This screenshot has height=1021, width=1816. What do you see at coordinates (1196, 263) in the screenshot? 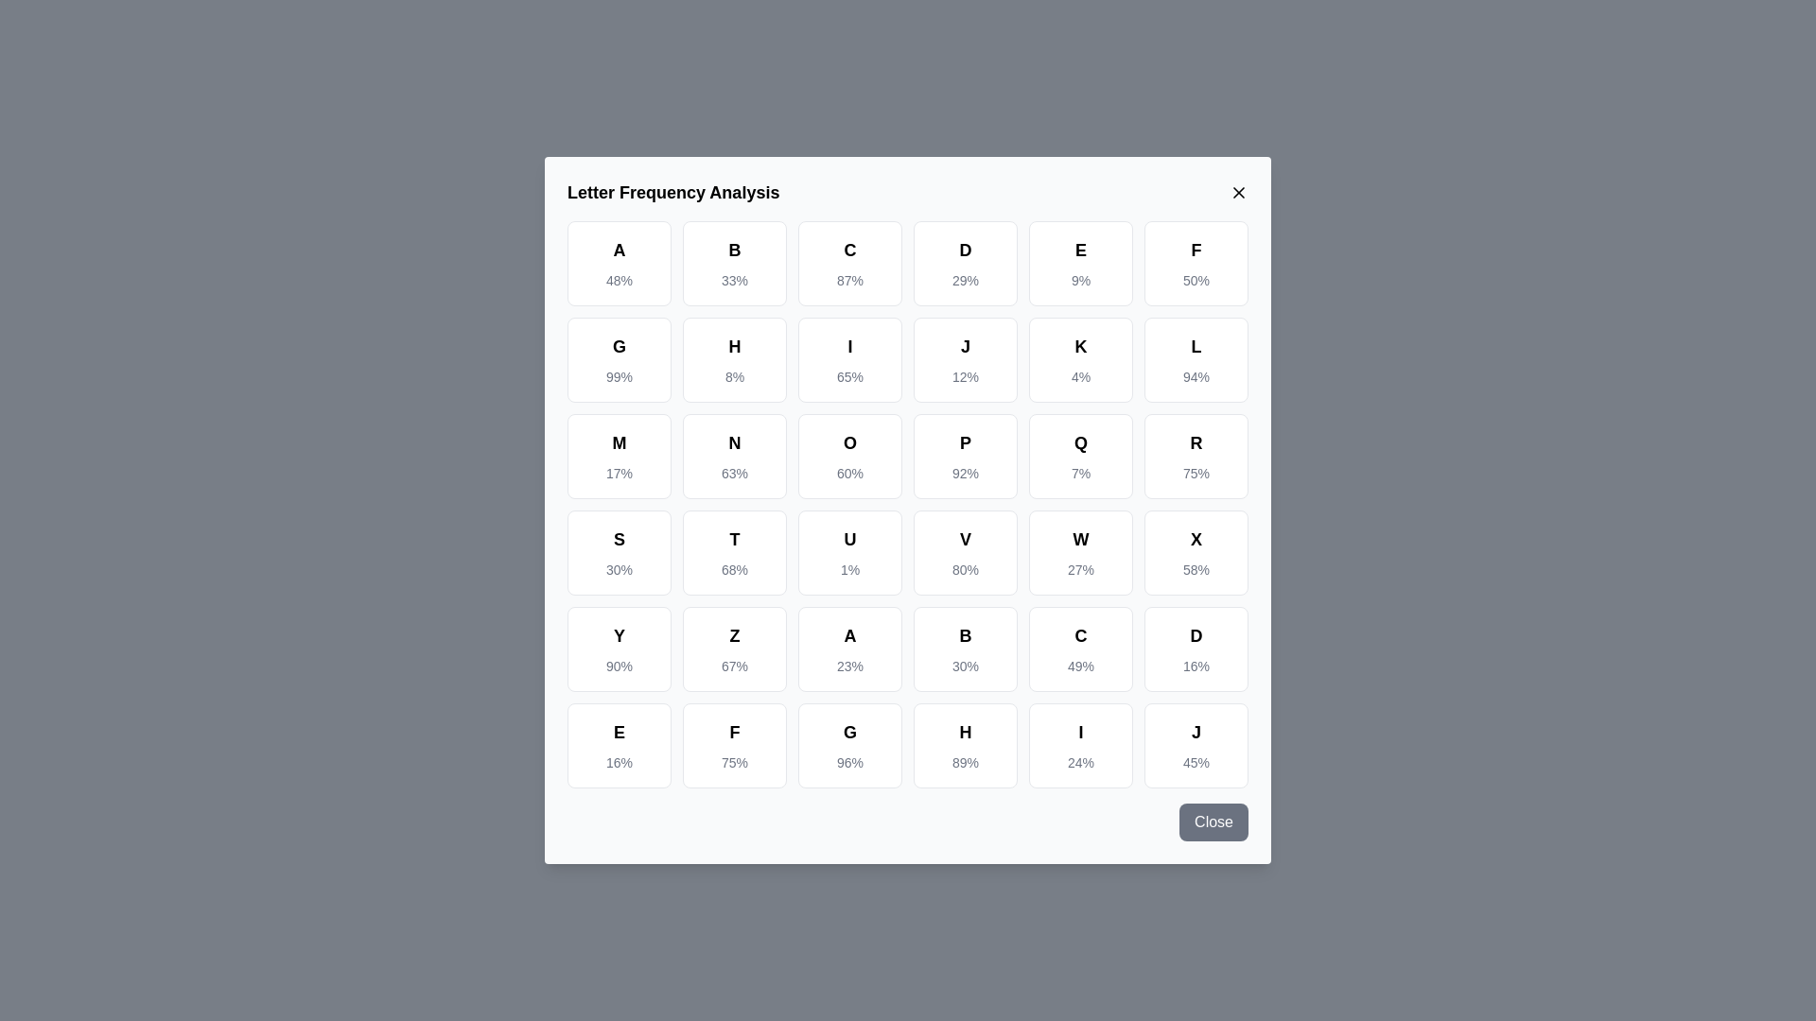
I see `the cell corresponding to the letter F` at bounding box center [1196, 263].